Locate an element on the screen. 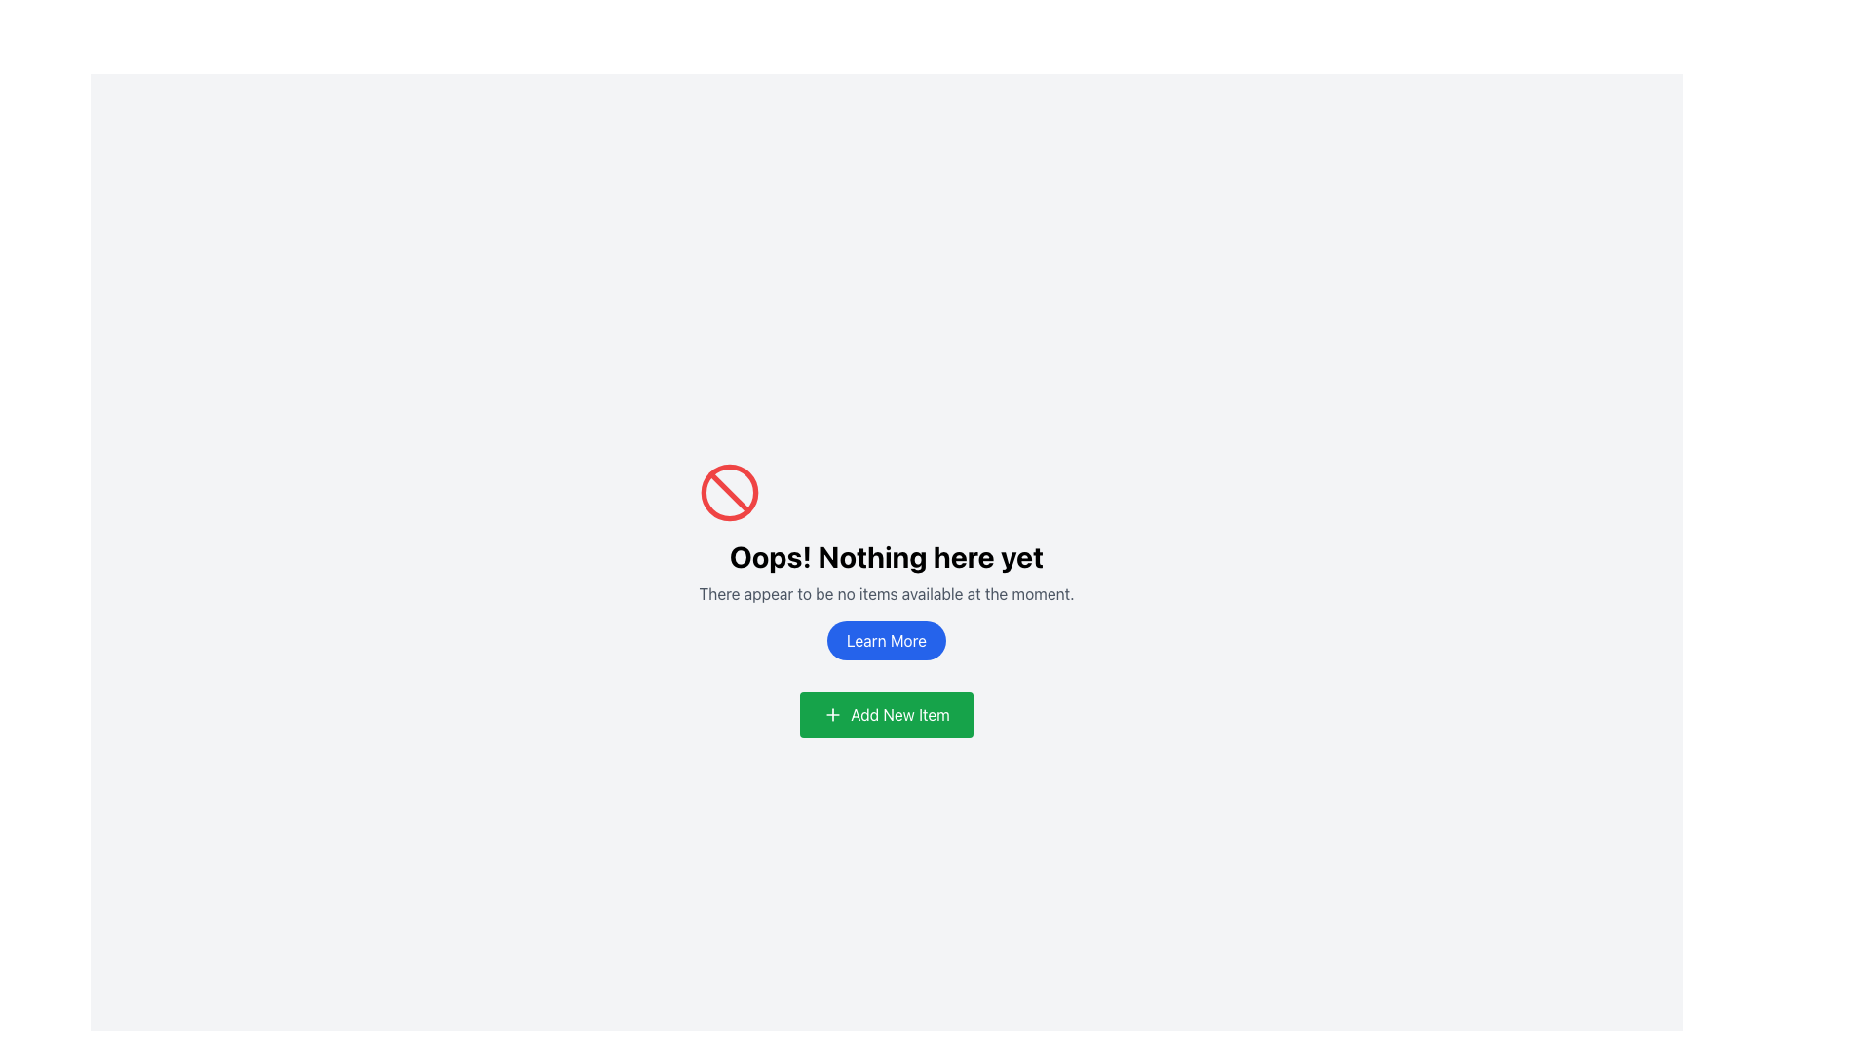 Image resolution: width=1871 pixels, height=1052 pixels. the small '+' icon on the green 'Add New Item' button, which is positioned at the center bottom below the blue 'Learn More' button is located at coordinates (833, 714).